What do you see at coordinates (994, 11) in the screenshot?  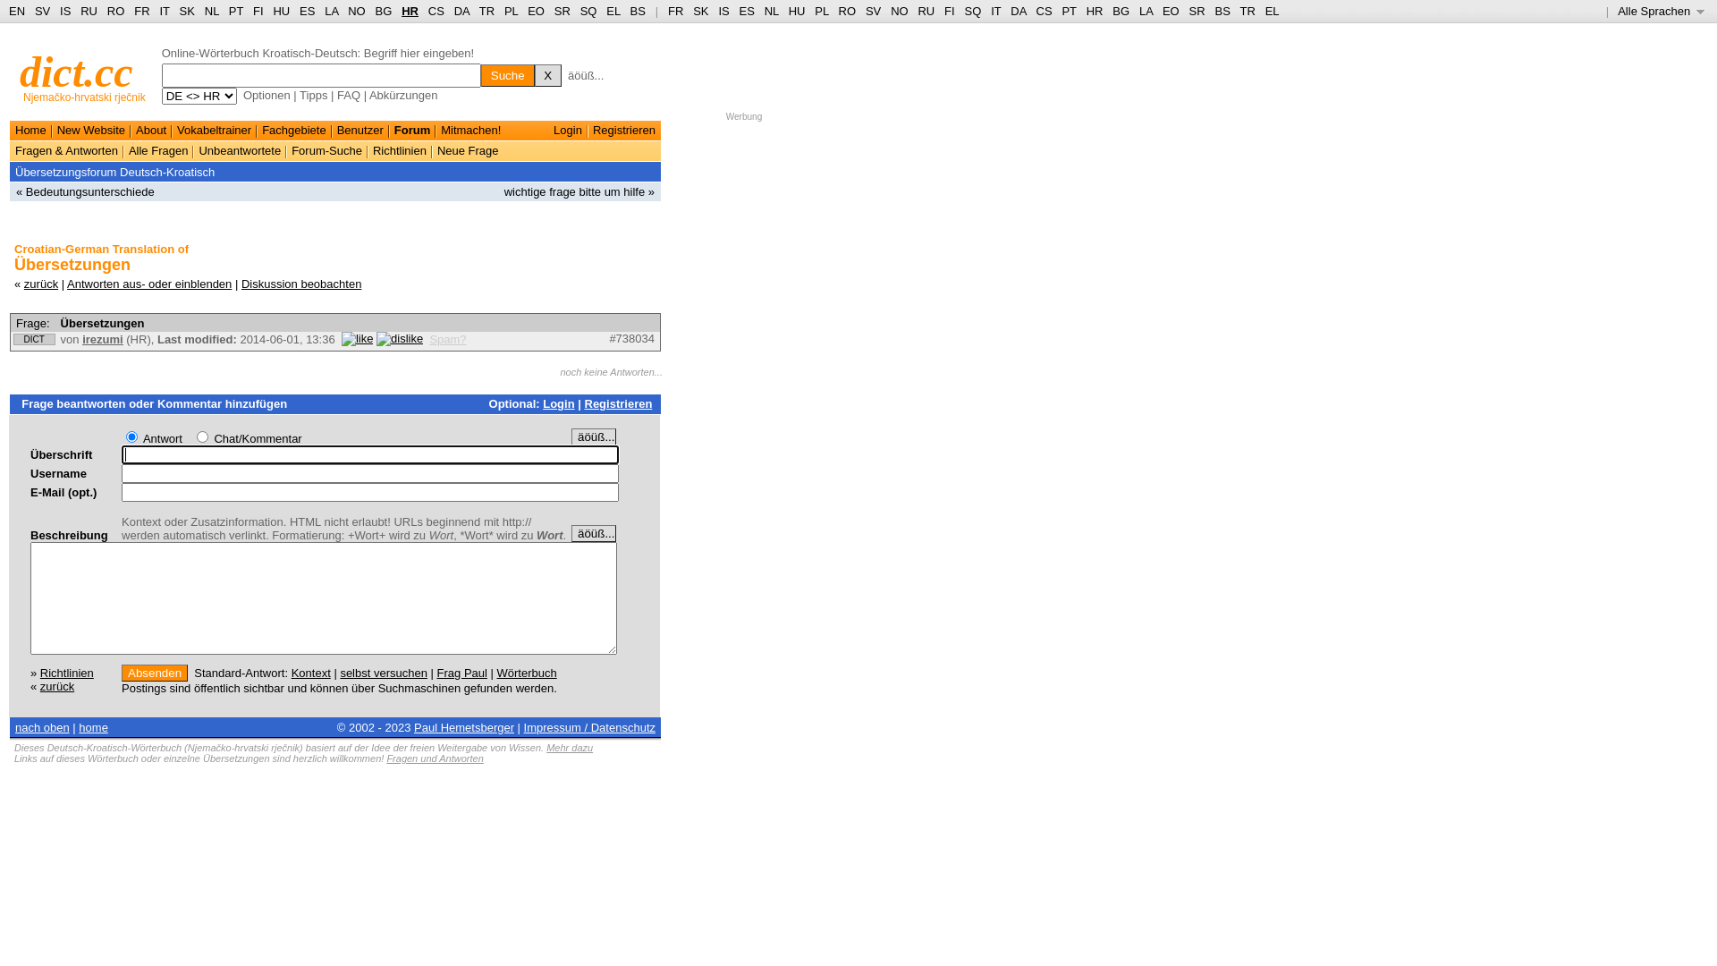 I see `'IT'` at bounding box center [994, 11].